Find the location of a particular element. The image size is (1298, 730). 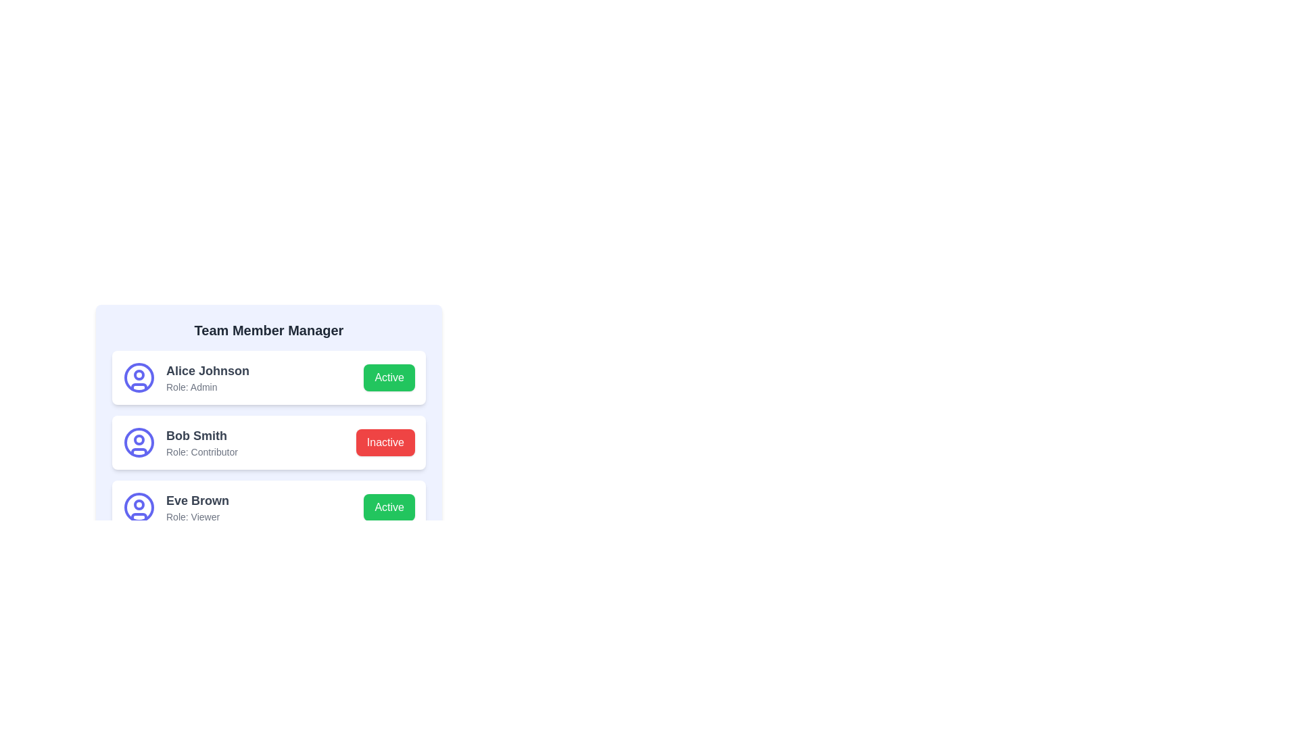

the red button labeled 'Inactive' is located at coordinates (385, 443).